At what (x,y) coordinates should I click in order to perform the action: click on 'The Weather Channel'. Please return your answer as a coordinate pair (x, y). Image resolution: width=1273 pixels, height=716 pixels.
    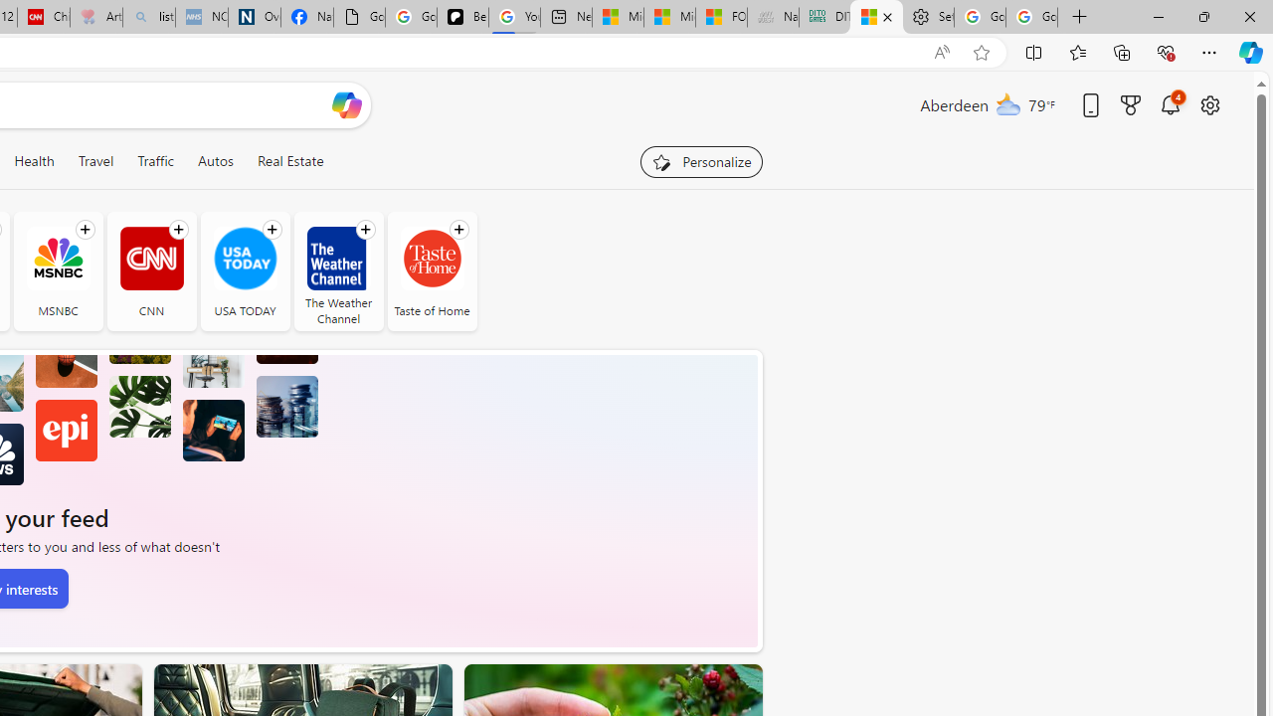
    Looking at the image, I should click on (338, 258).